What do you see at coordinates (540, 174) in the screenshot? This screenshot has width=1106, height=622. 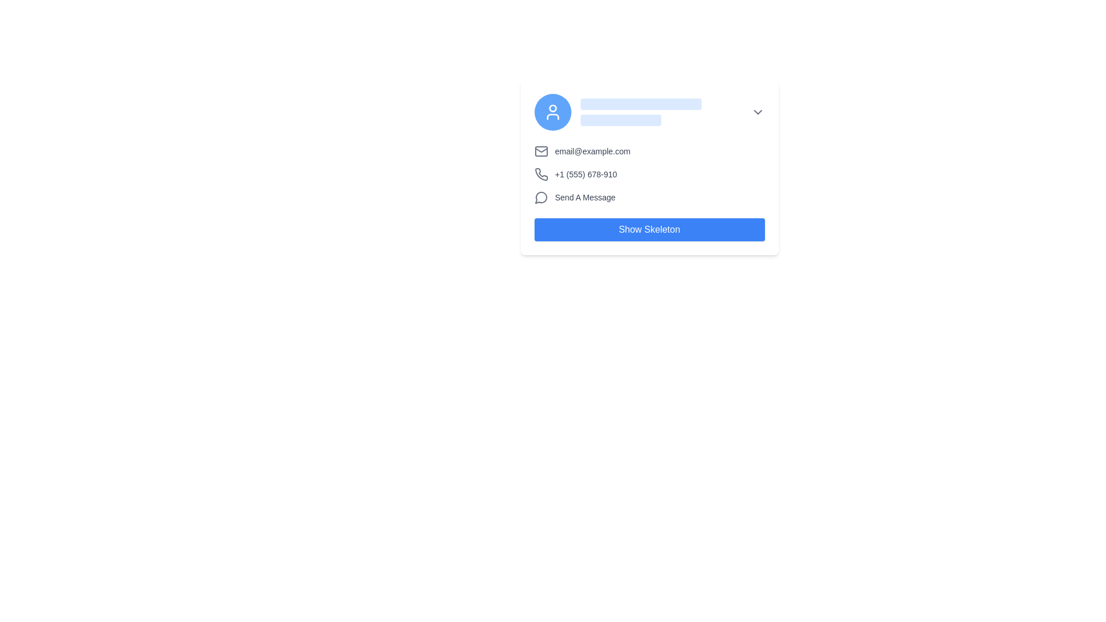 I see `the gray phone receiver icon located to the left of the phone number text in the contact detail section` at bounding box center [540, 174].